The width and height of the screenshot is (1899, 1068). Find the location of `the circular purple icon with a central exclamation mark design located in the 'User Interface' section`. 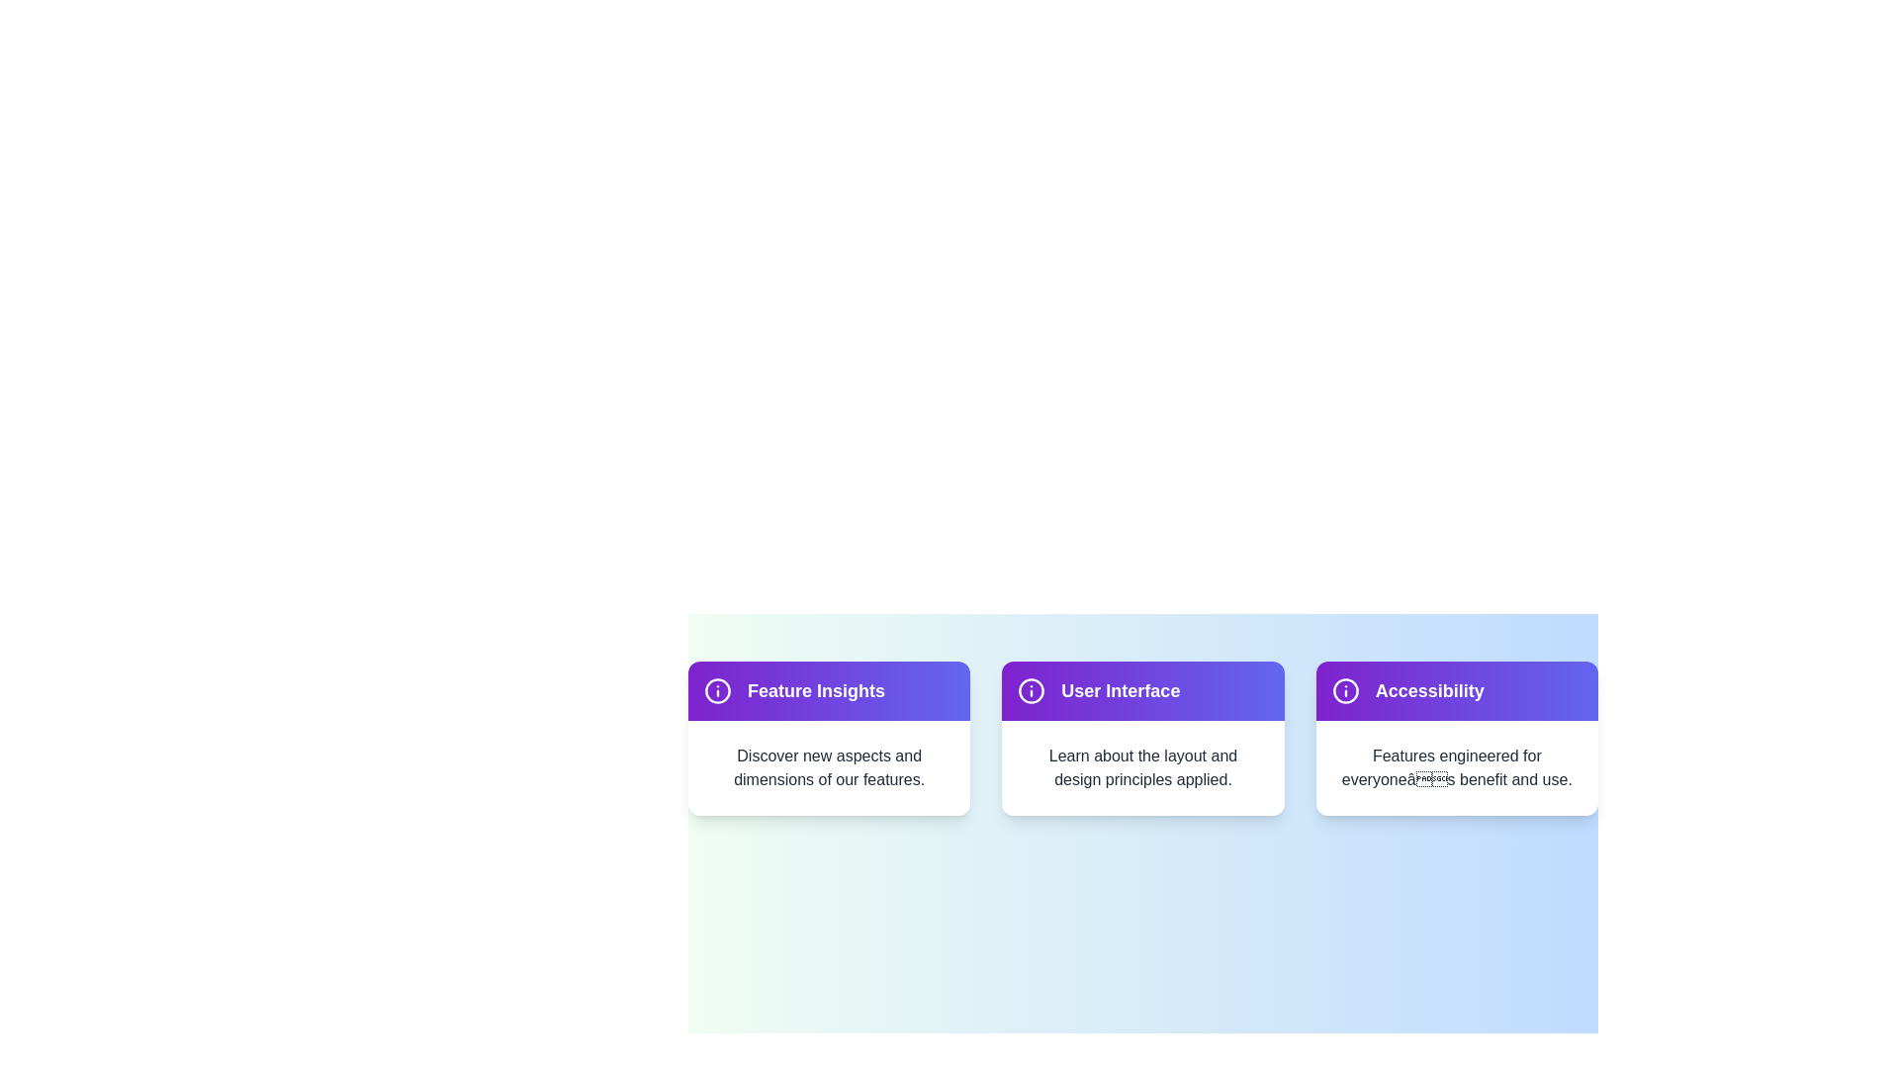

the circular purple icon with a central exclamation mark design located in the 'User Interface' section is located at coordinates (1031, 689).